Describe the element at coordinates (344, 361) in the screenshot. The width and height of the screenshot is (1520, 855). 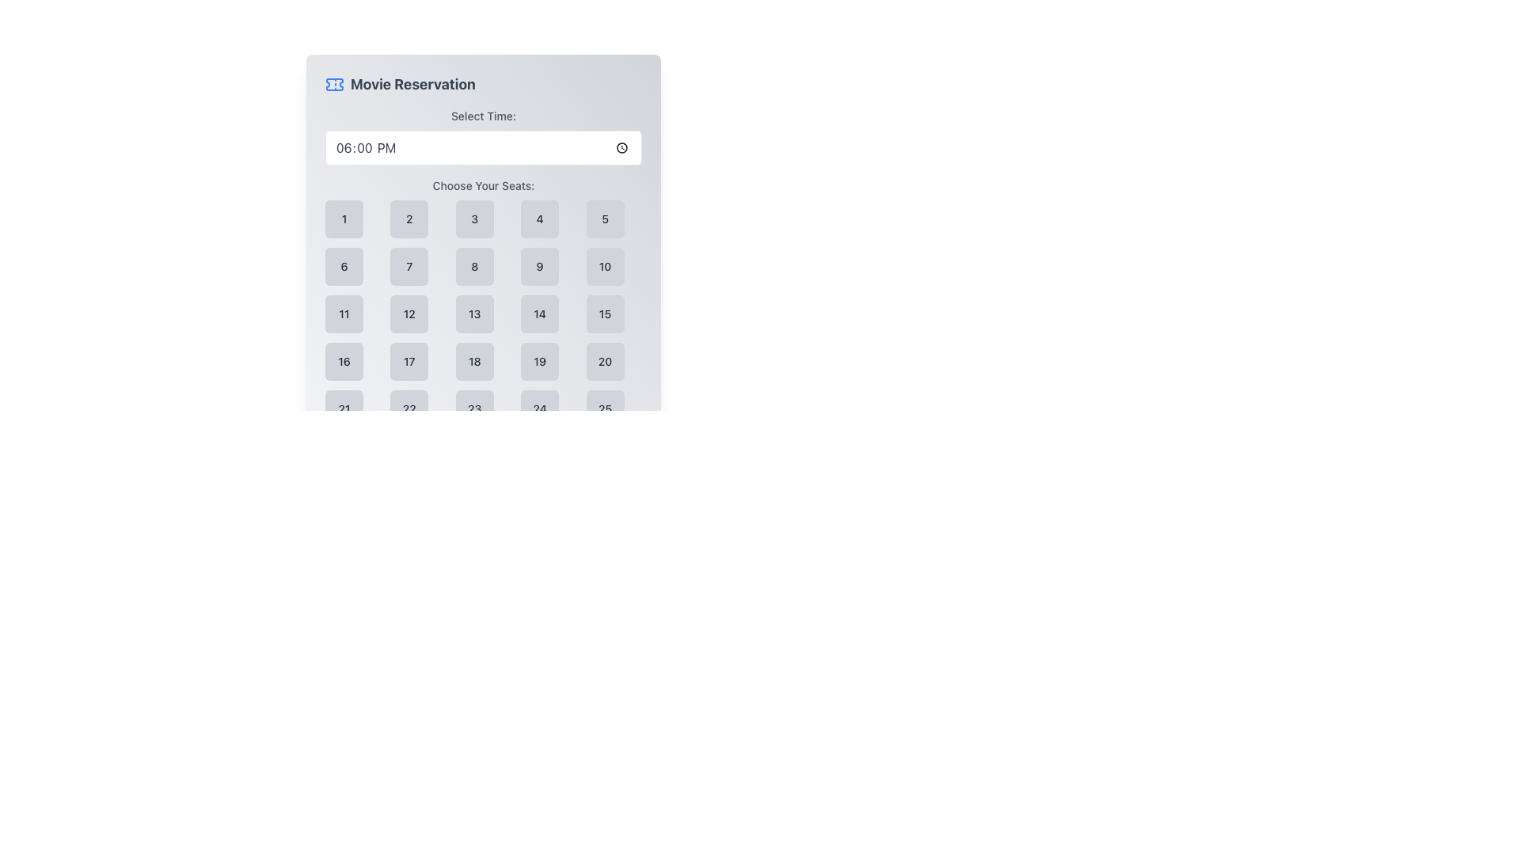
I see `the square button with rounded corners displaying the number '16'` at that location.